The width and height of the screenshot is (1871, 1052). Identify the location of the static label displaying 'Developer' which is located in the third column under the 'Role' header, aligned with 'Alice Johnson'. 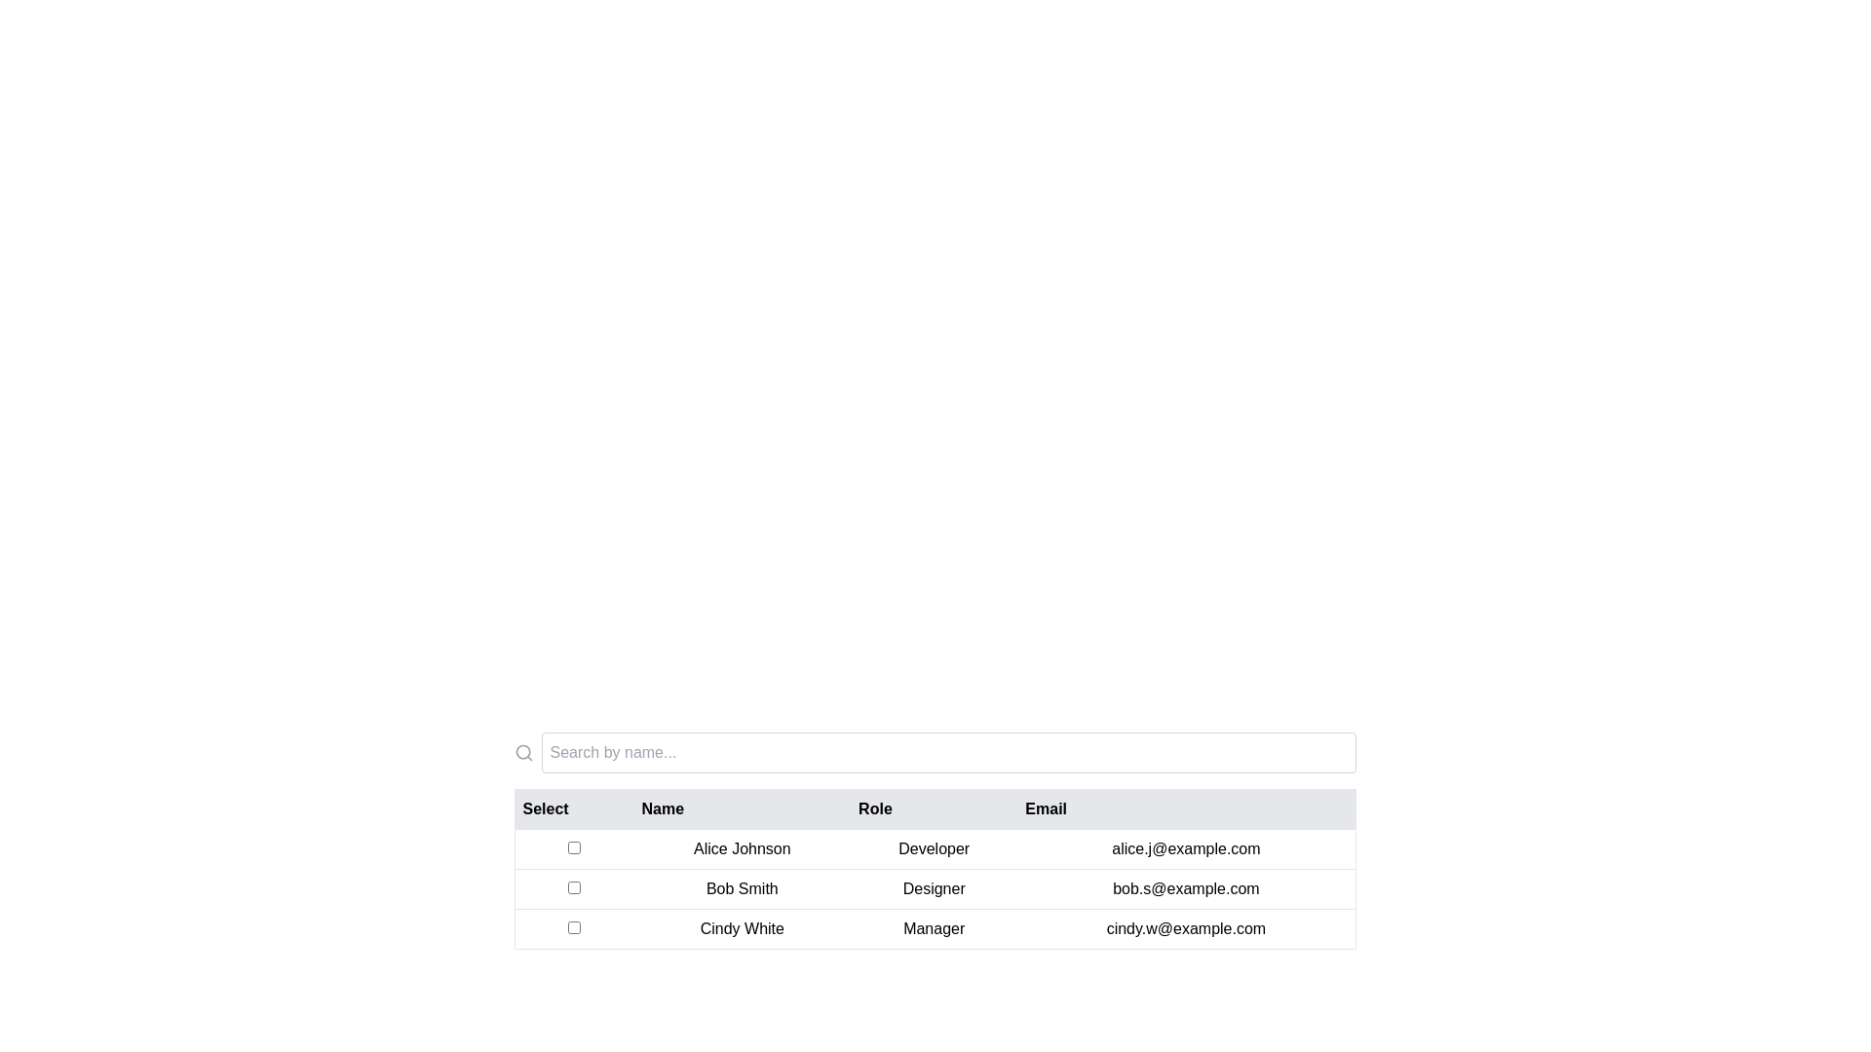
(933, 847).